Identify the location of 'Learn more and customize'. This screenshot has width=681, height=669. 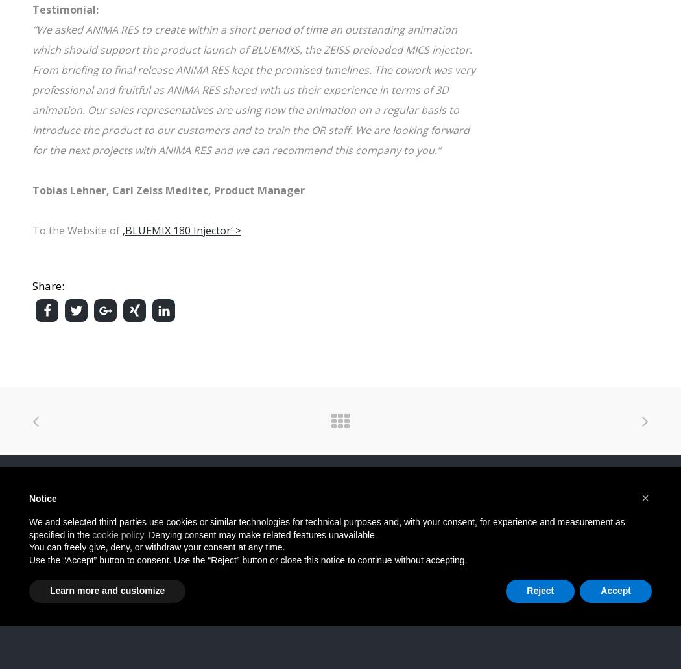
(107, 590).